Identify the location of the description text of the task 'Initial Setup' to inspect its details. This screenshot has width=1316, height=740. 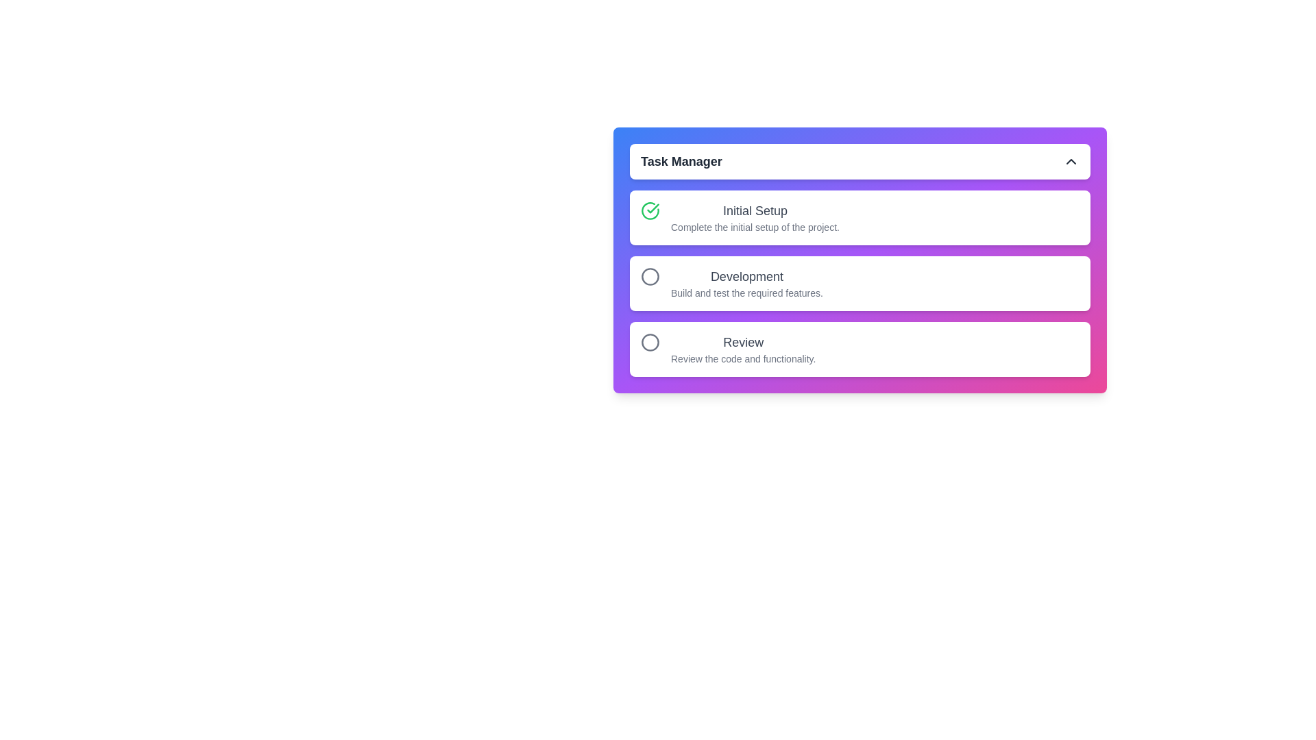
(754, 217).